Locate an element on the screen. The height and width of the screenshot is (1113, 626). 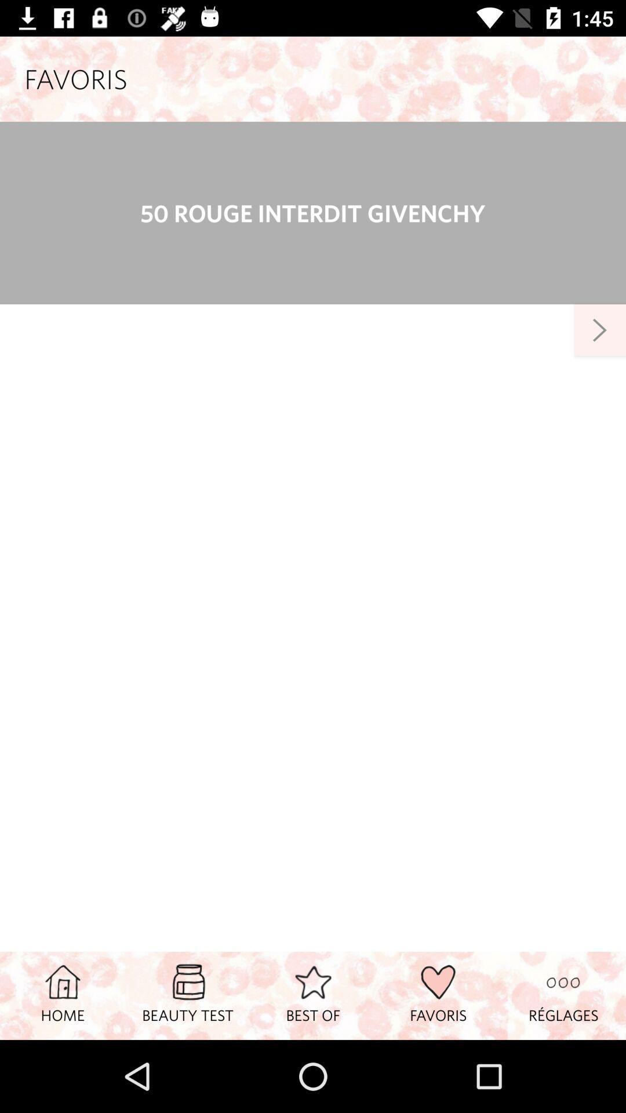
the icon to the left of the favoris item is located at coordinates (313, 995).